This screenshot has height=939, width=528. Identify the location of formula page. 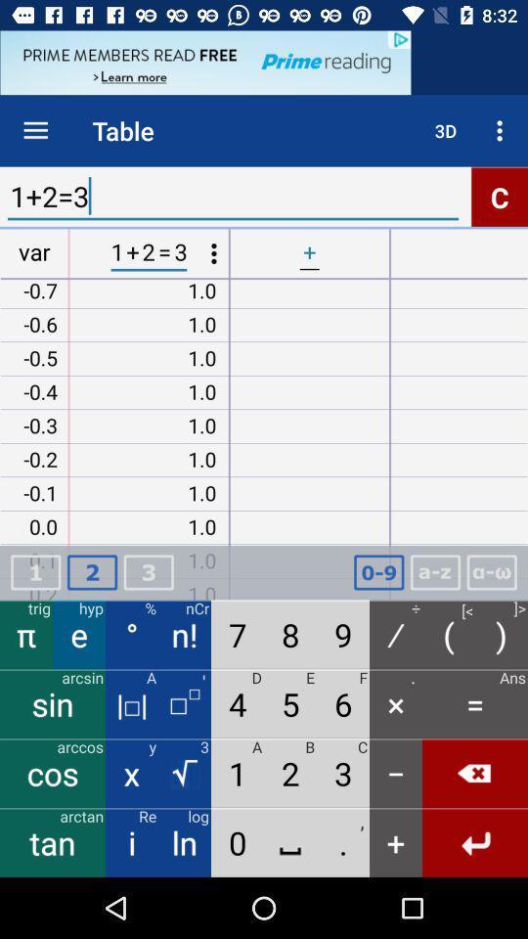
(491, 572).